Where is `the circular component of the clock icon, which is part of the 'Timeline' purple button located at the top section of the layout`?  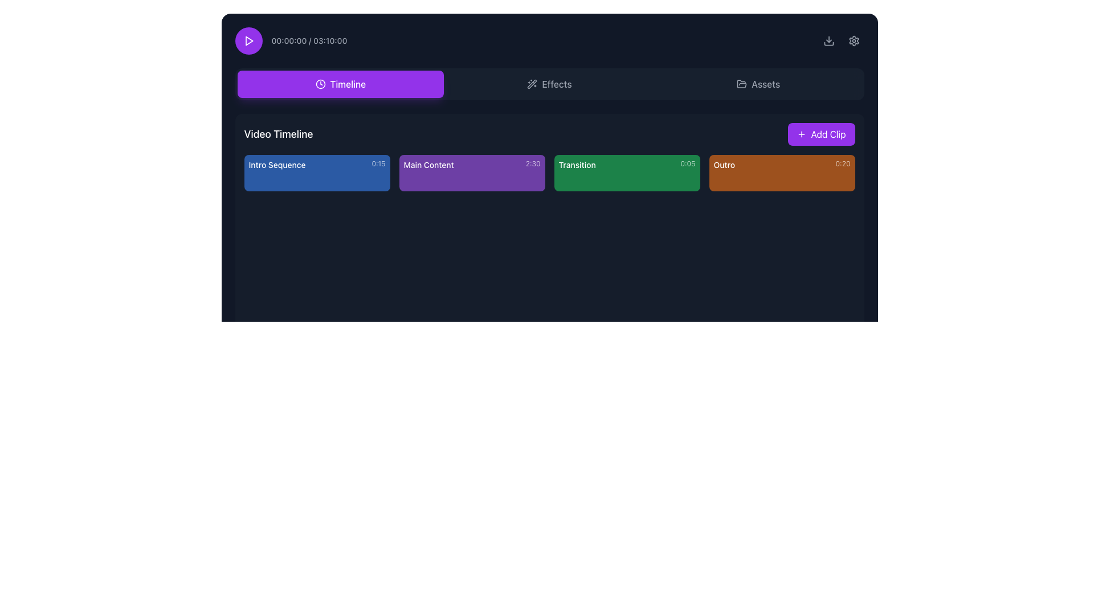
the circular component of the clock icon, which is part of the 'Timeline' purple button located at the top section of the layout is located at coordinates (320, 83).